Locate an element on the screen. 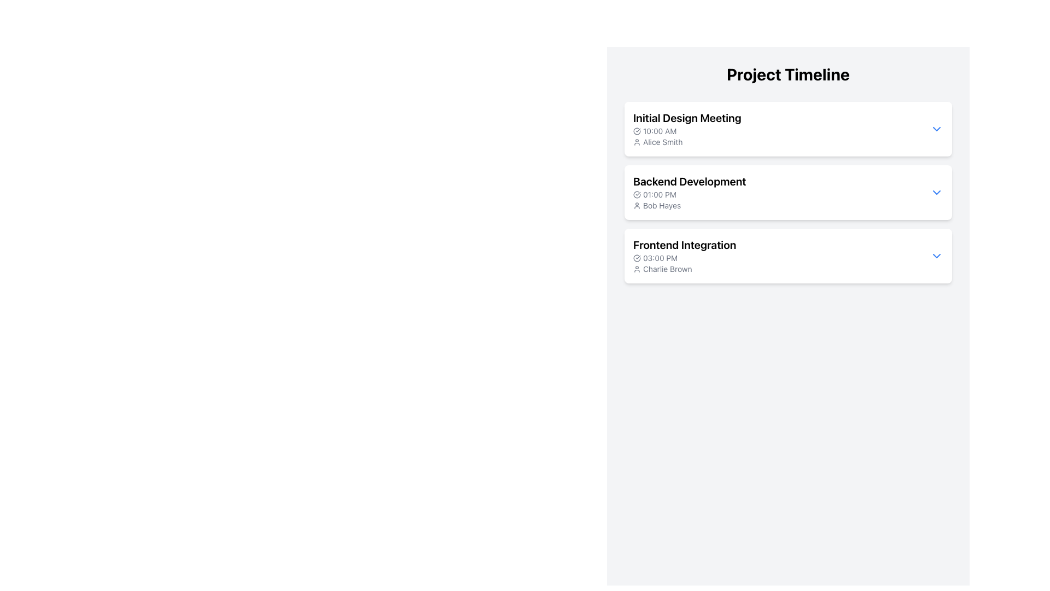  the UI card list item containing the title 'Backend Development', which displays the time '01:00 PM' and the name 'Bob Hayes', located in the middle of a sequence of cards under the 'Initial Design Meeting' section is located at coordinates (788, 192).